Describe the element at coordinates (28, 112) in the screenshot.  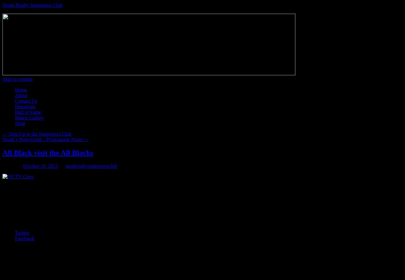
I see `'Hall of Fame'` at that location.